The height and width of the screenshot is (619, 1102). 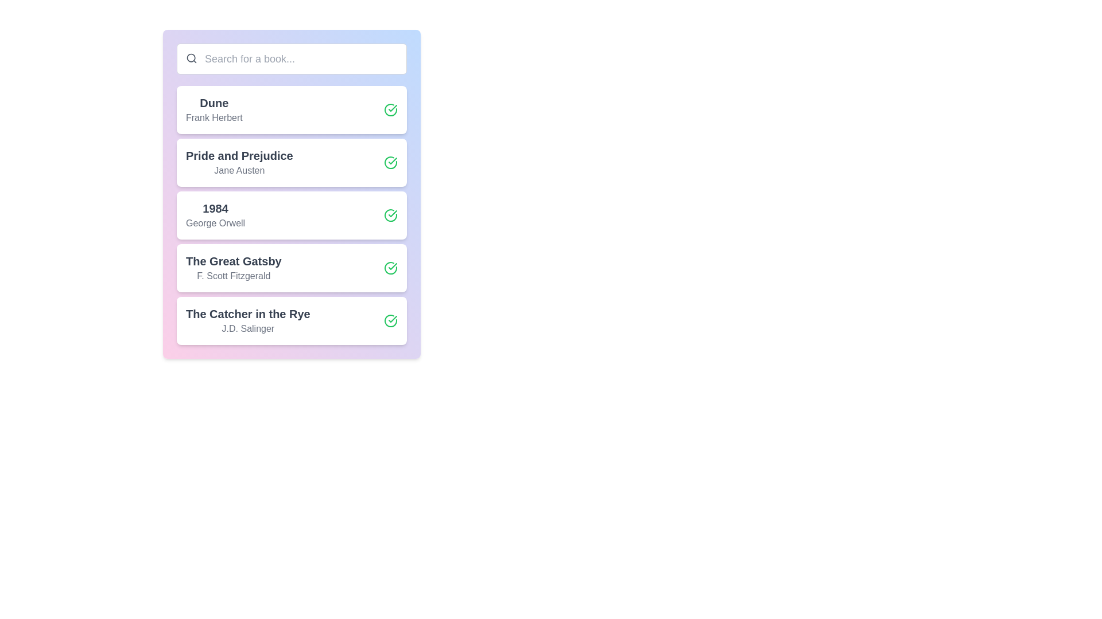 What do you see at coordinates (215, 223) in the screenshot?
I see `the text display element showing the author's name 'George Orwell', which is located below the title '1984' in the third card of a vertically-aligned list of books` at bounding box center [215, 223].